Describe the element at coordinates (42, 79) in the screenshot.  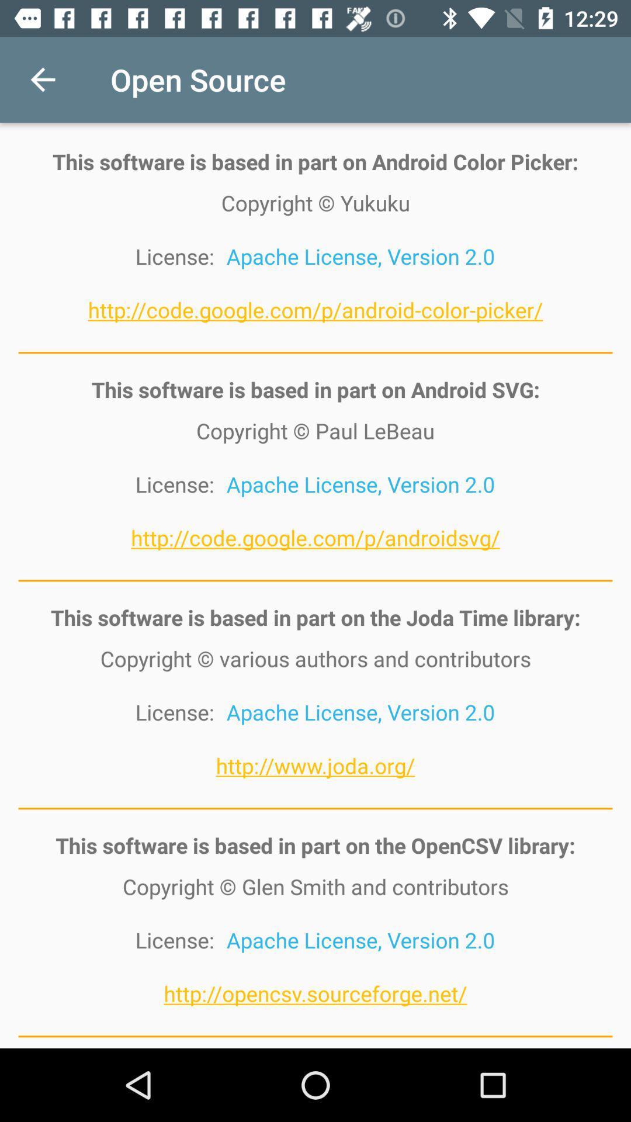
I see `the item to the left of the open source icon` at that location.